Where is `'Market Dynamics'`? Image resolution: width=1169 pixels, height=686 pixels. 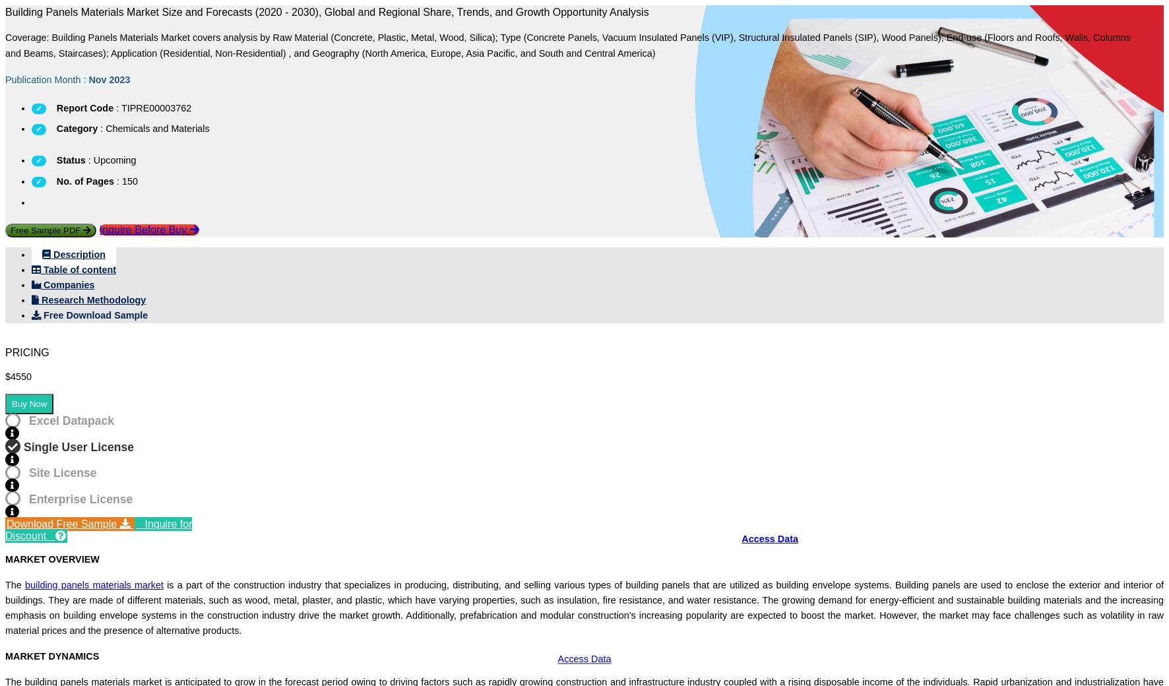
'Market Dynamics' is located at coordinates (238, 511).